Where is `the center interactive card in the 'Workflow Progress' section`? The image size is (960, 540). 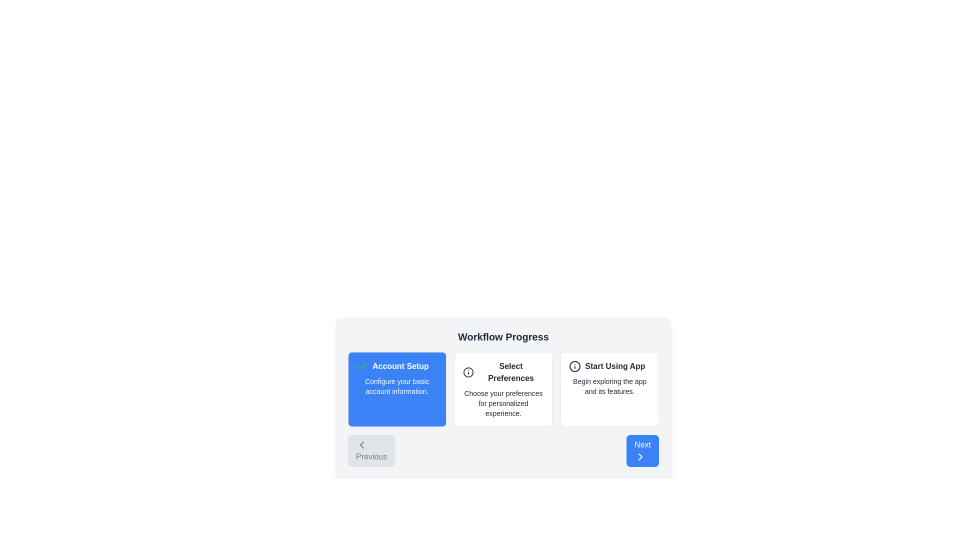
the center interactive card in the 'Workflow Progress' section is located at coordinates (503, 389).